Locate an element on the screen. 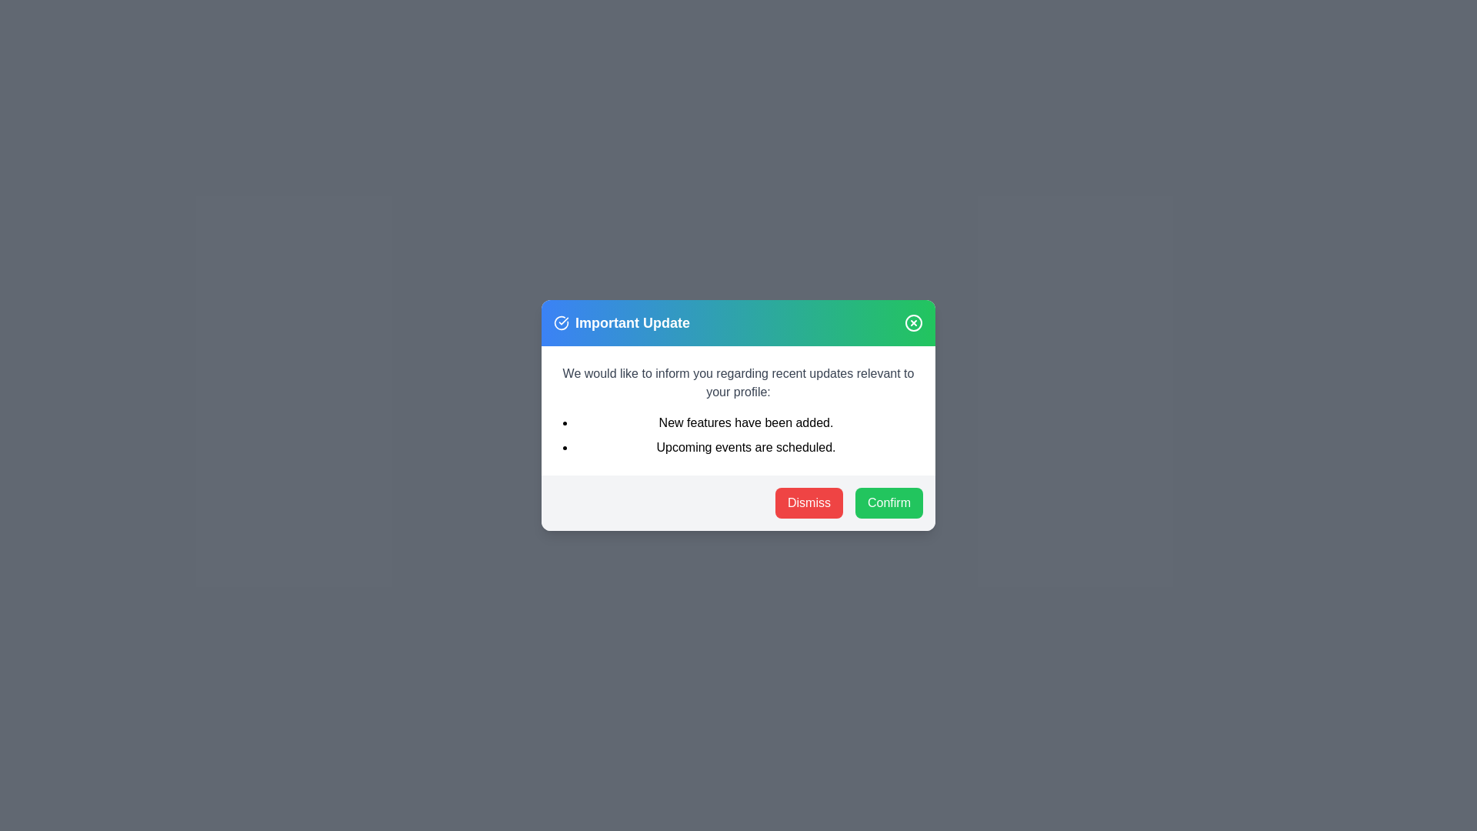 This screenshot has height=831, width=1477. the 'Confirm' button to confirm the updates is located at coordinates (889, 503).